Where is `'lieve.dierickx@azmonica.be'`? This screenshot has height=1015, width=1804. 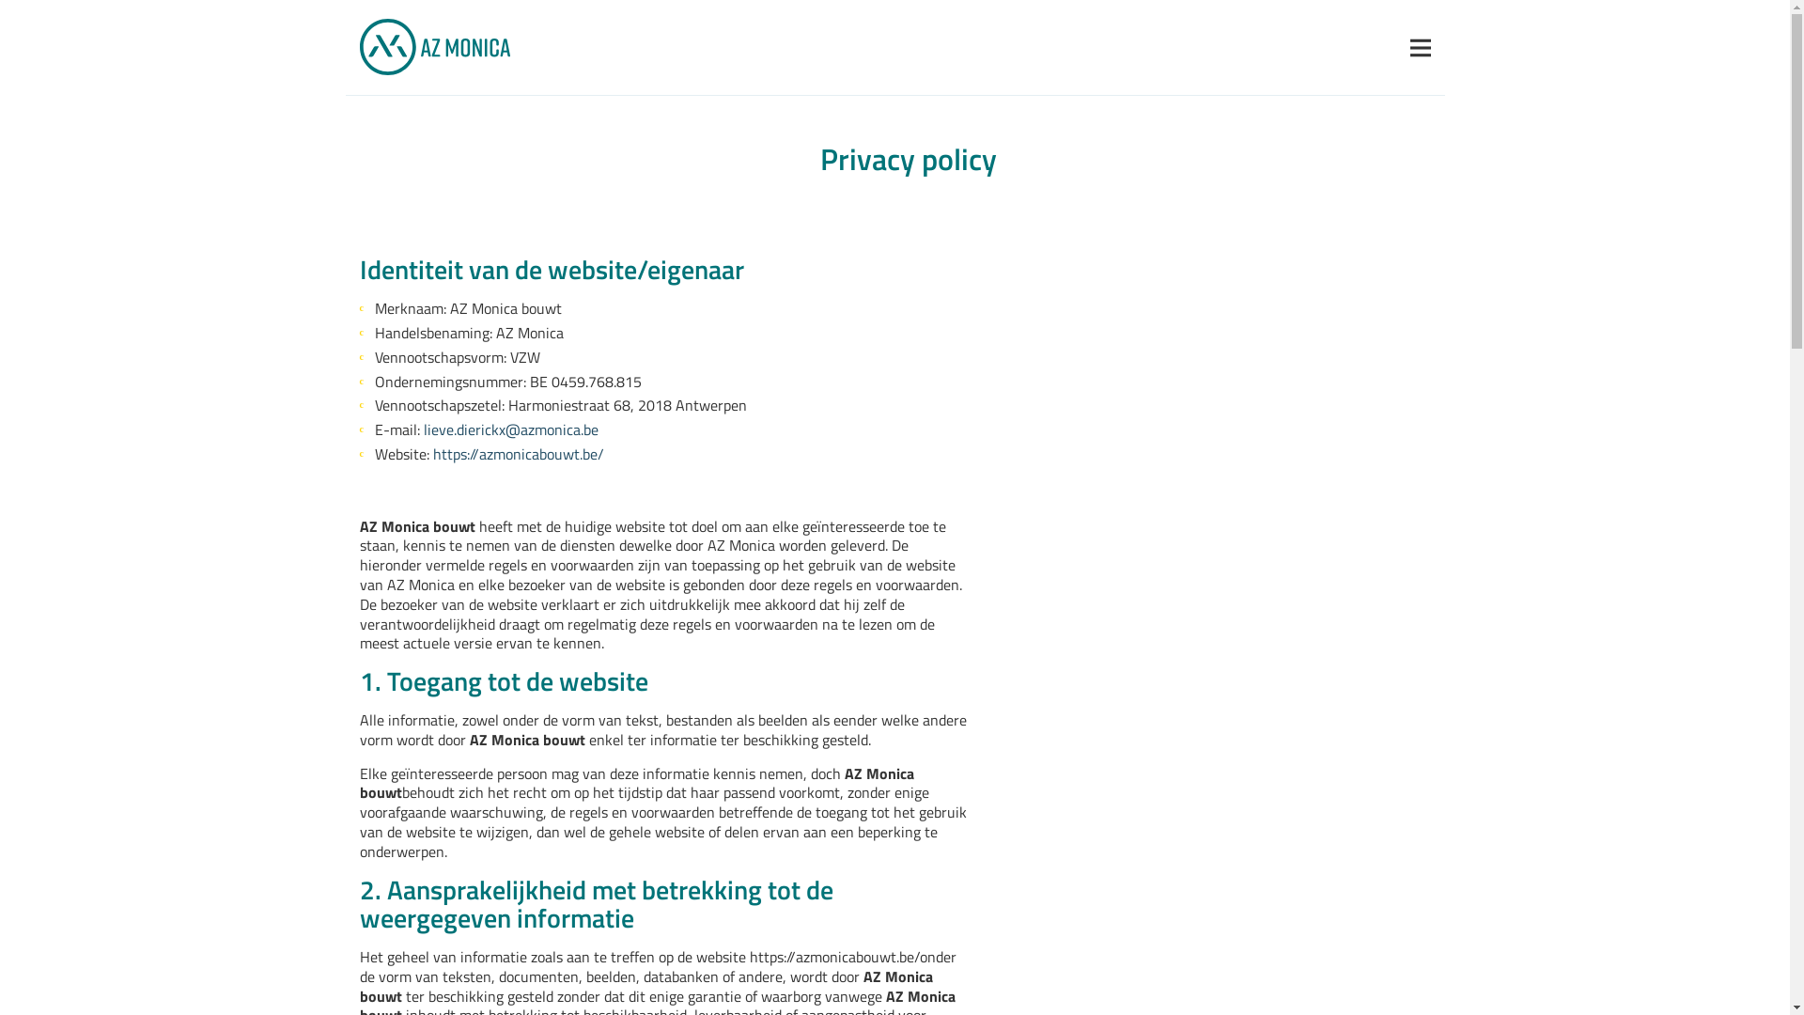
'lieve.dierickx@azmonica.be' is located at coordinates (422, 429).